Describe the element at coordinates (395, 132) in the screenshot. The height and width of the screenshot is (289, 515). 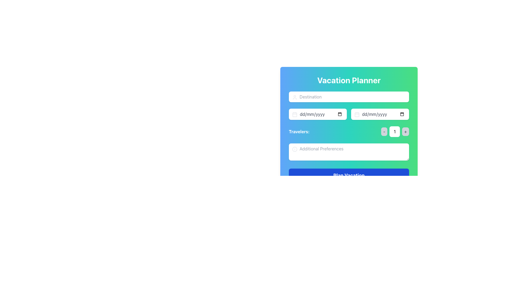
I see `the Display field that shows the current numeric value representing the number of travelers, located next to the 'Travelers:' label` at that location.